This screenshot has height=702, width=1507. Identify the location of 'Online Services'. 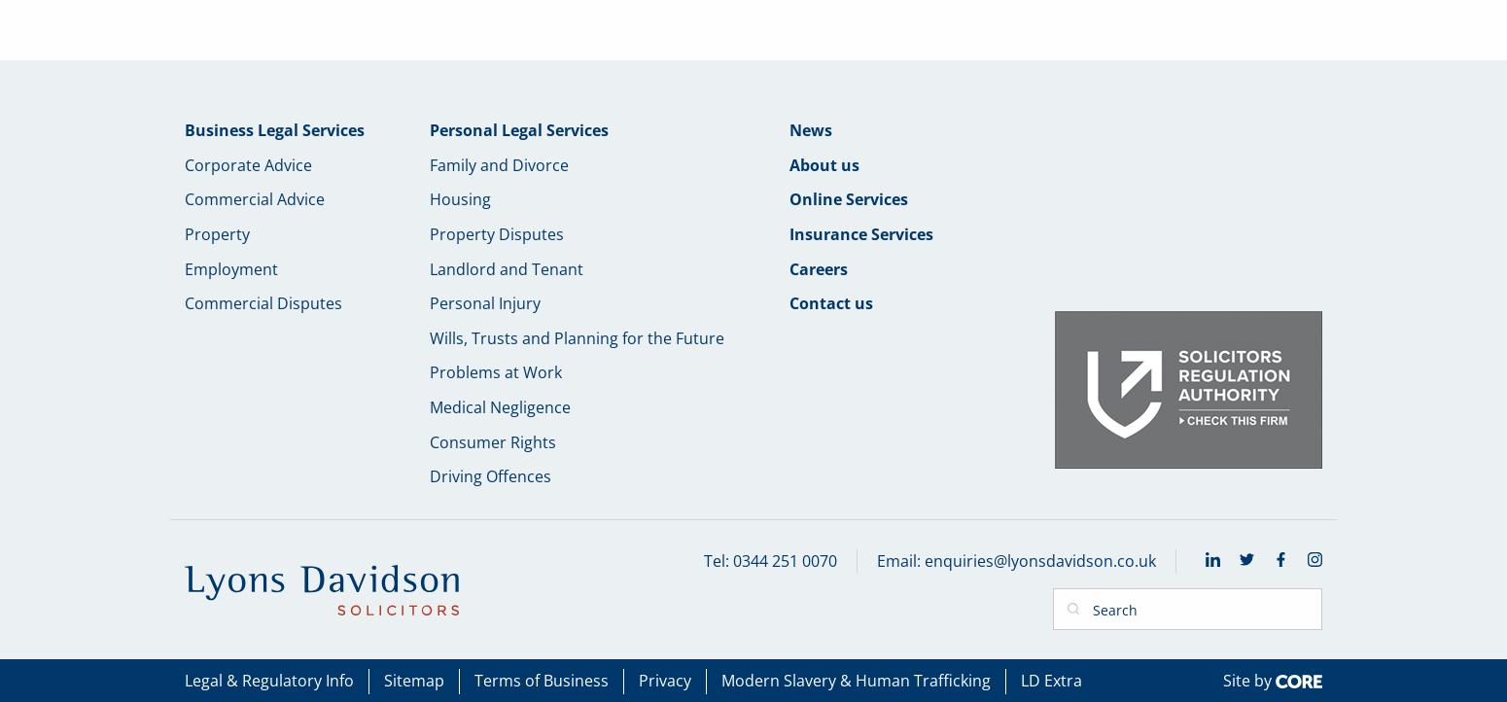
(789, 197).